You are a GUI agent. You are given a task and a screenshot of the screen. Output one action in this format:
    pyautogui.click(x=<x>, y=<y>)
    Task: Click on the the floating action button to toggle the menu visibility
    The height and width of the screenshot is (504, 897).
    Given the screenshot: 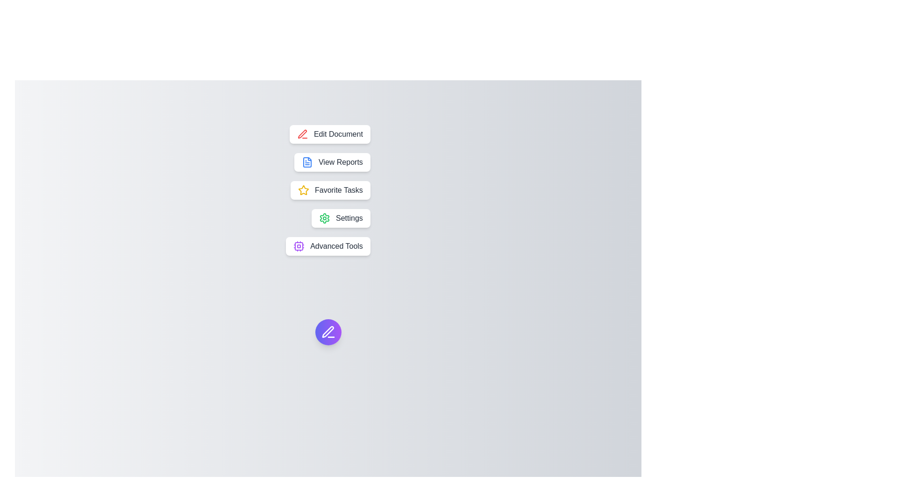 What is the action you would take?
    pyautogui.click(x=328, y=332)
    